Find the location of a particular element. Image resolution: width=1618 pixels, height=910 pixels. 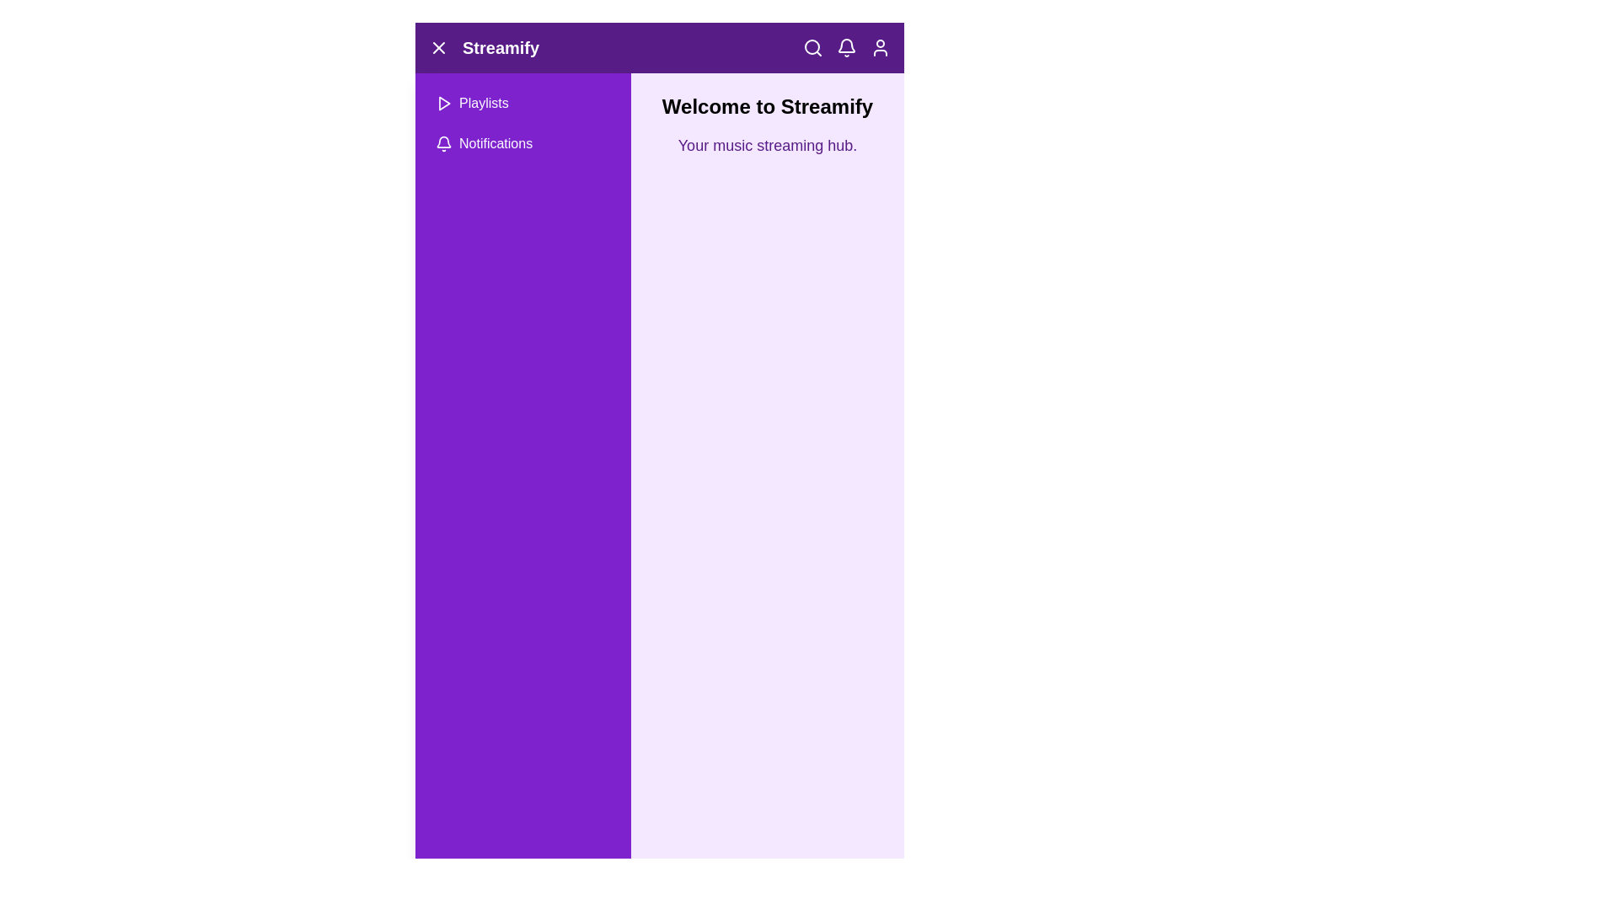

the navigational label indicating the menu item for managing or viewing playlists is located at coordinates (483, 104).